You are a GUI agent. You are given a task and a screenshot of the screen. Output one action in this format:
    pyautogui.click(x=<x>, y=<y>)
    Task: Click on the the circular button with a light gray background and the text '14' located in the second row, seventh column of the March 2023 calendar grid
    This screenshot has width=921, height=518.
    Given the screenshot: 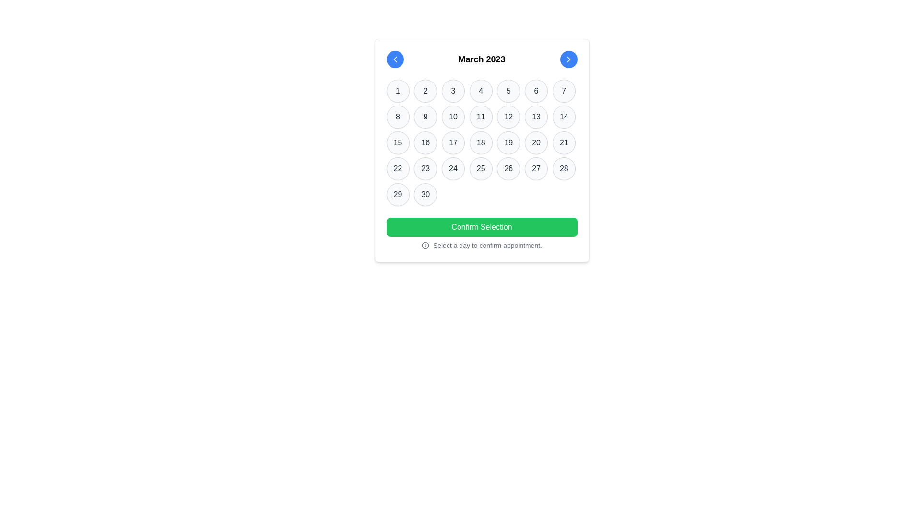 What is the action you would take?
    pyautogui.click(x=564, y=116)
    